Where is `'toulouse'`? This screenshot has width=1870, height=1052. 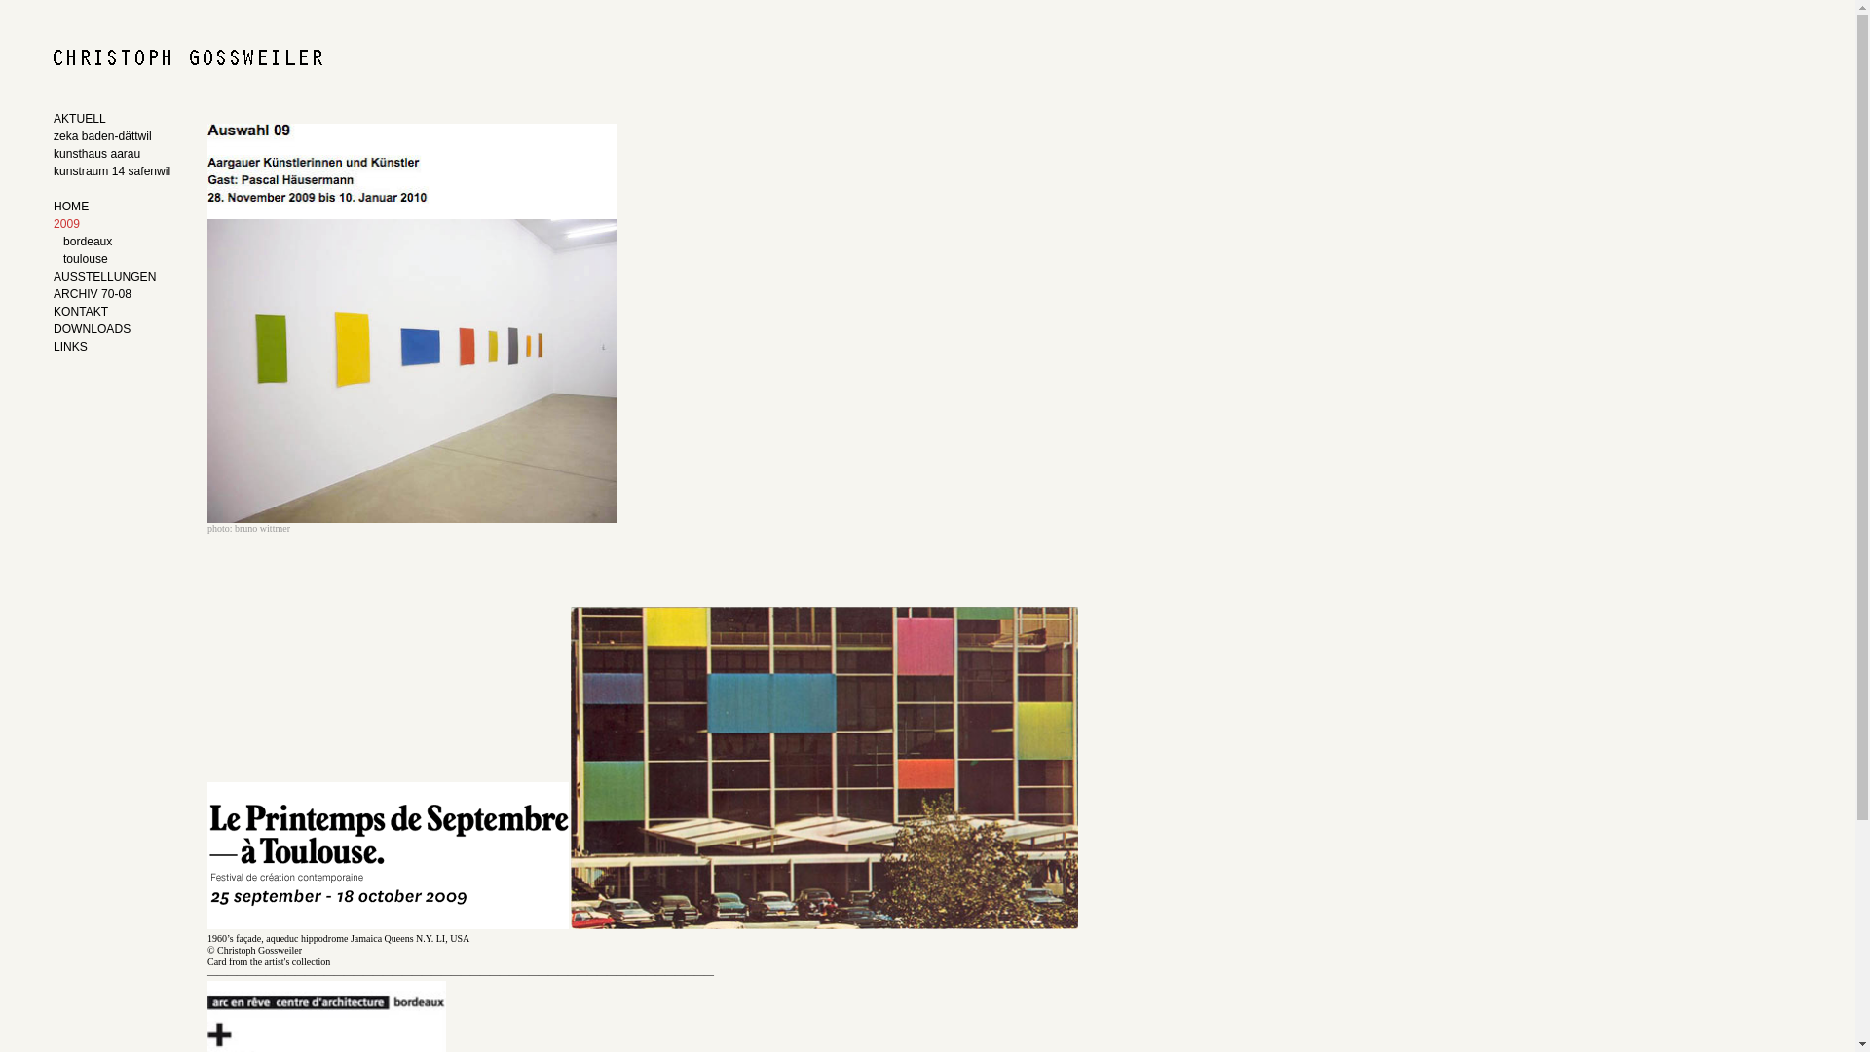 'toulouse' is located at coordinates (118, 259).